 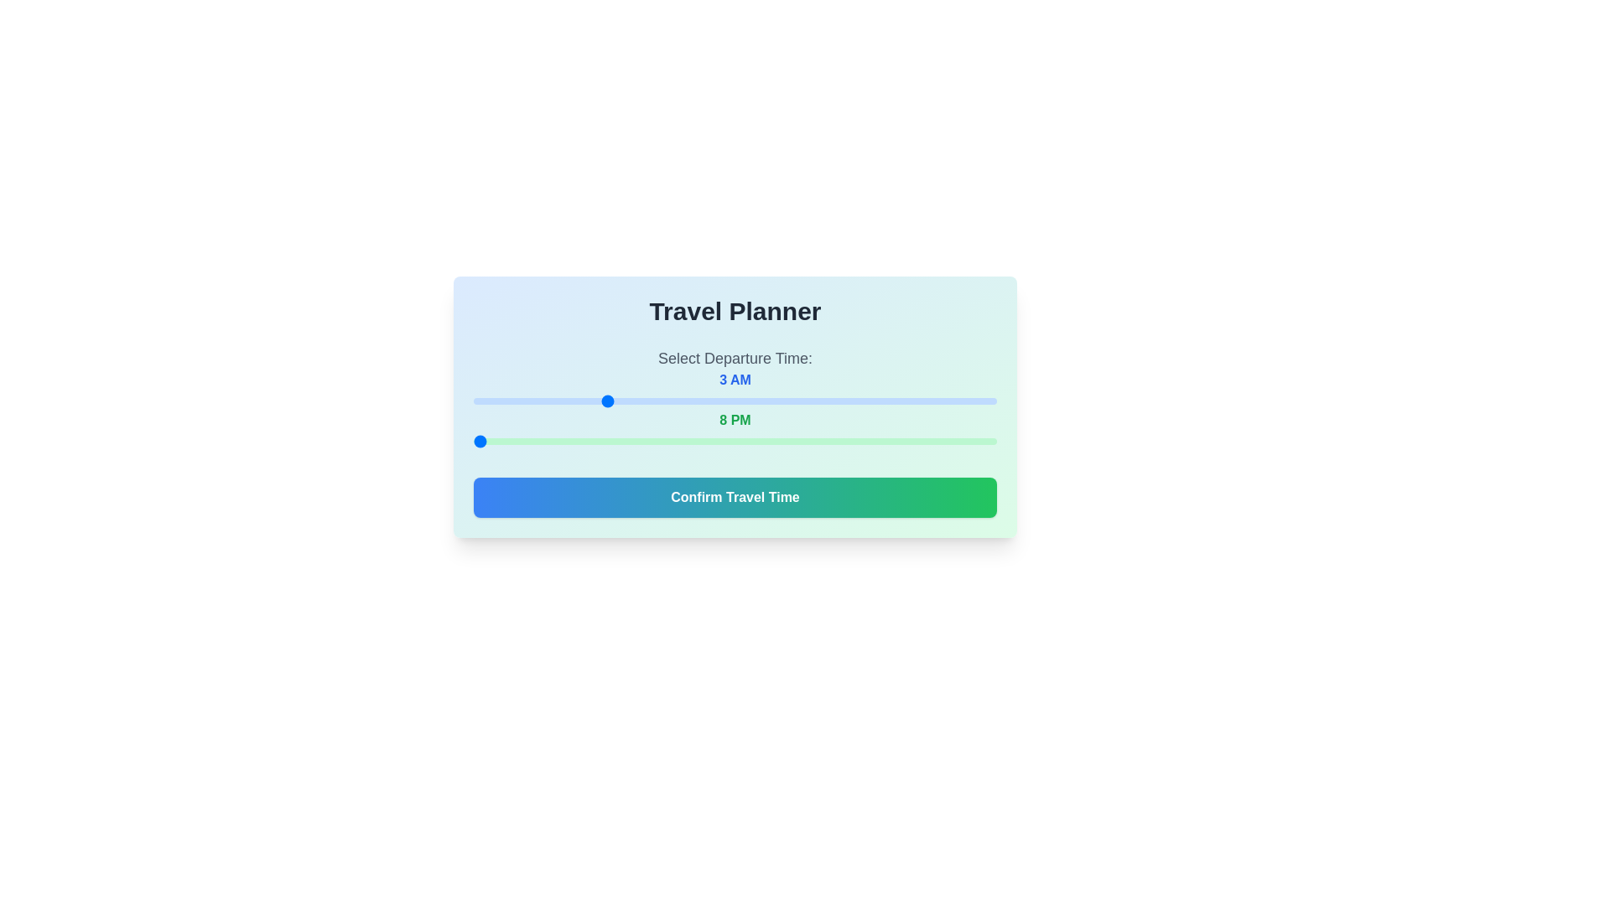 I want to click on the slider value, so click(x=647, y=441).